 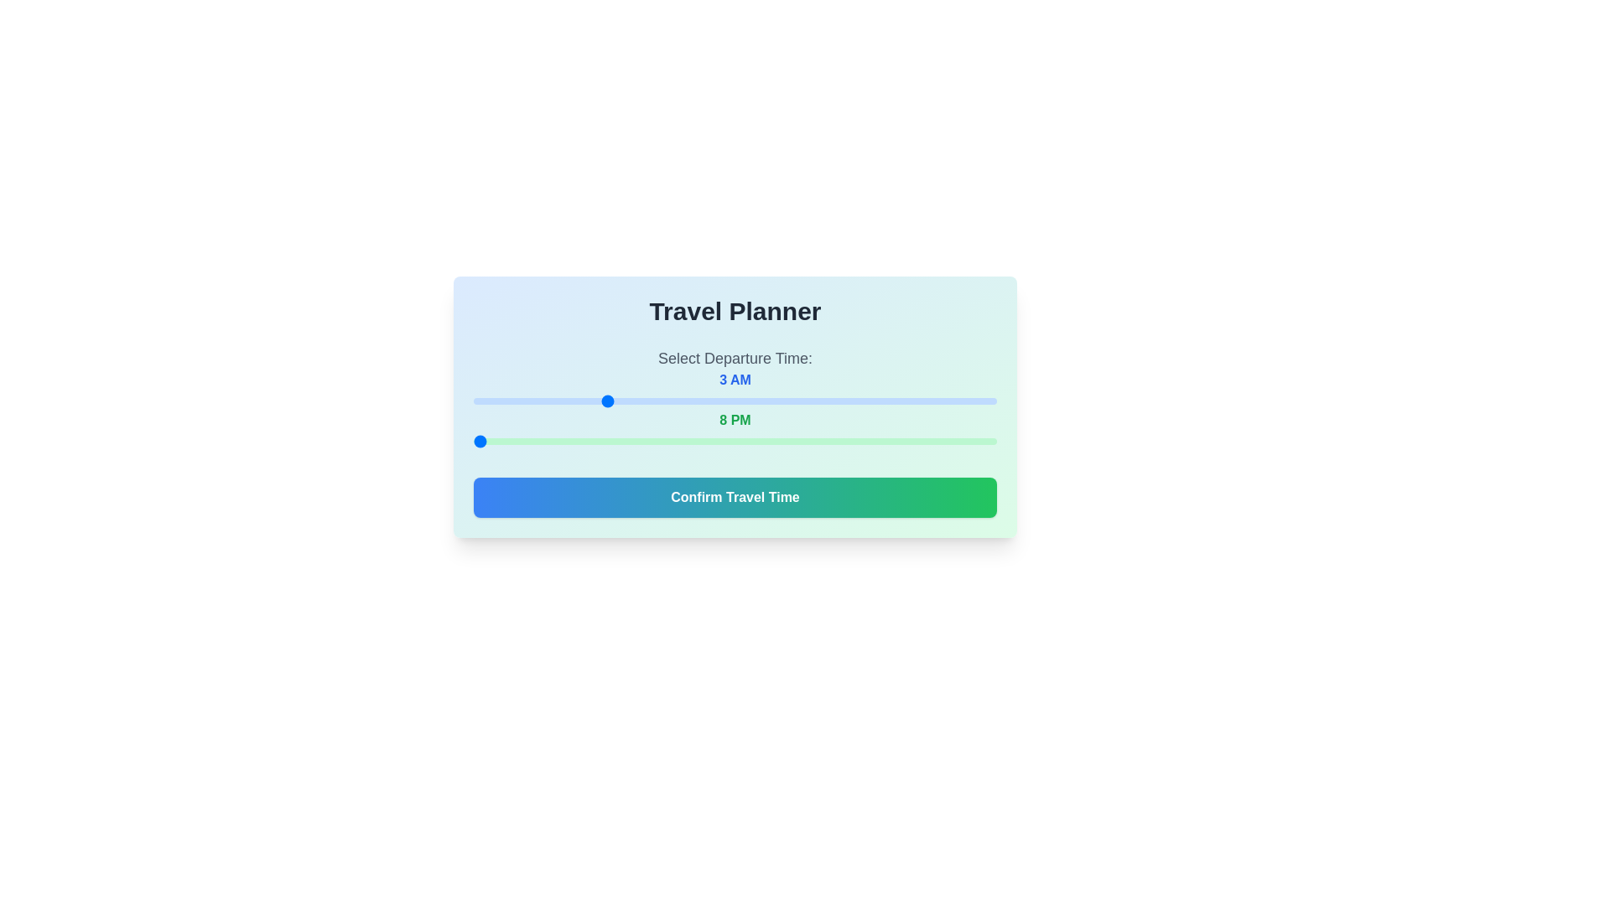 I want to click on the slider value, so click(x=647, y=441).